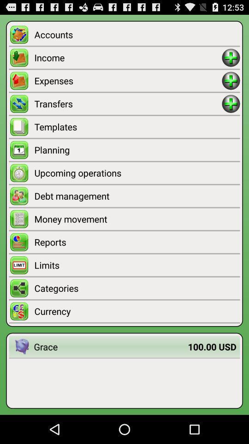 The image size is (249, 444). Describe the element at coordinates (212, 346) in the screenshot. I see `app to the right of the grace app` at that location.